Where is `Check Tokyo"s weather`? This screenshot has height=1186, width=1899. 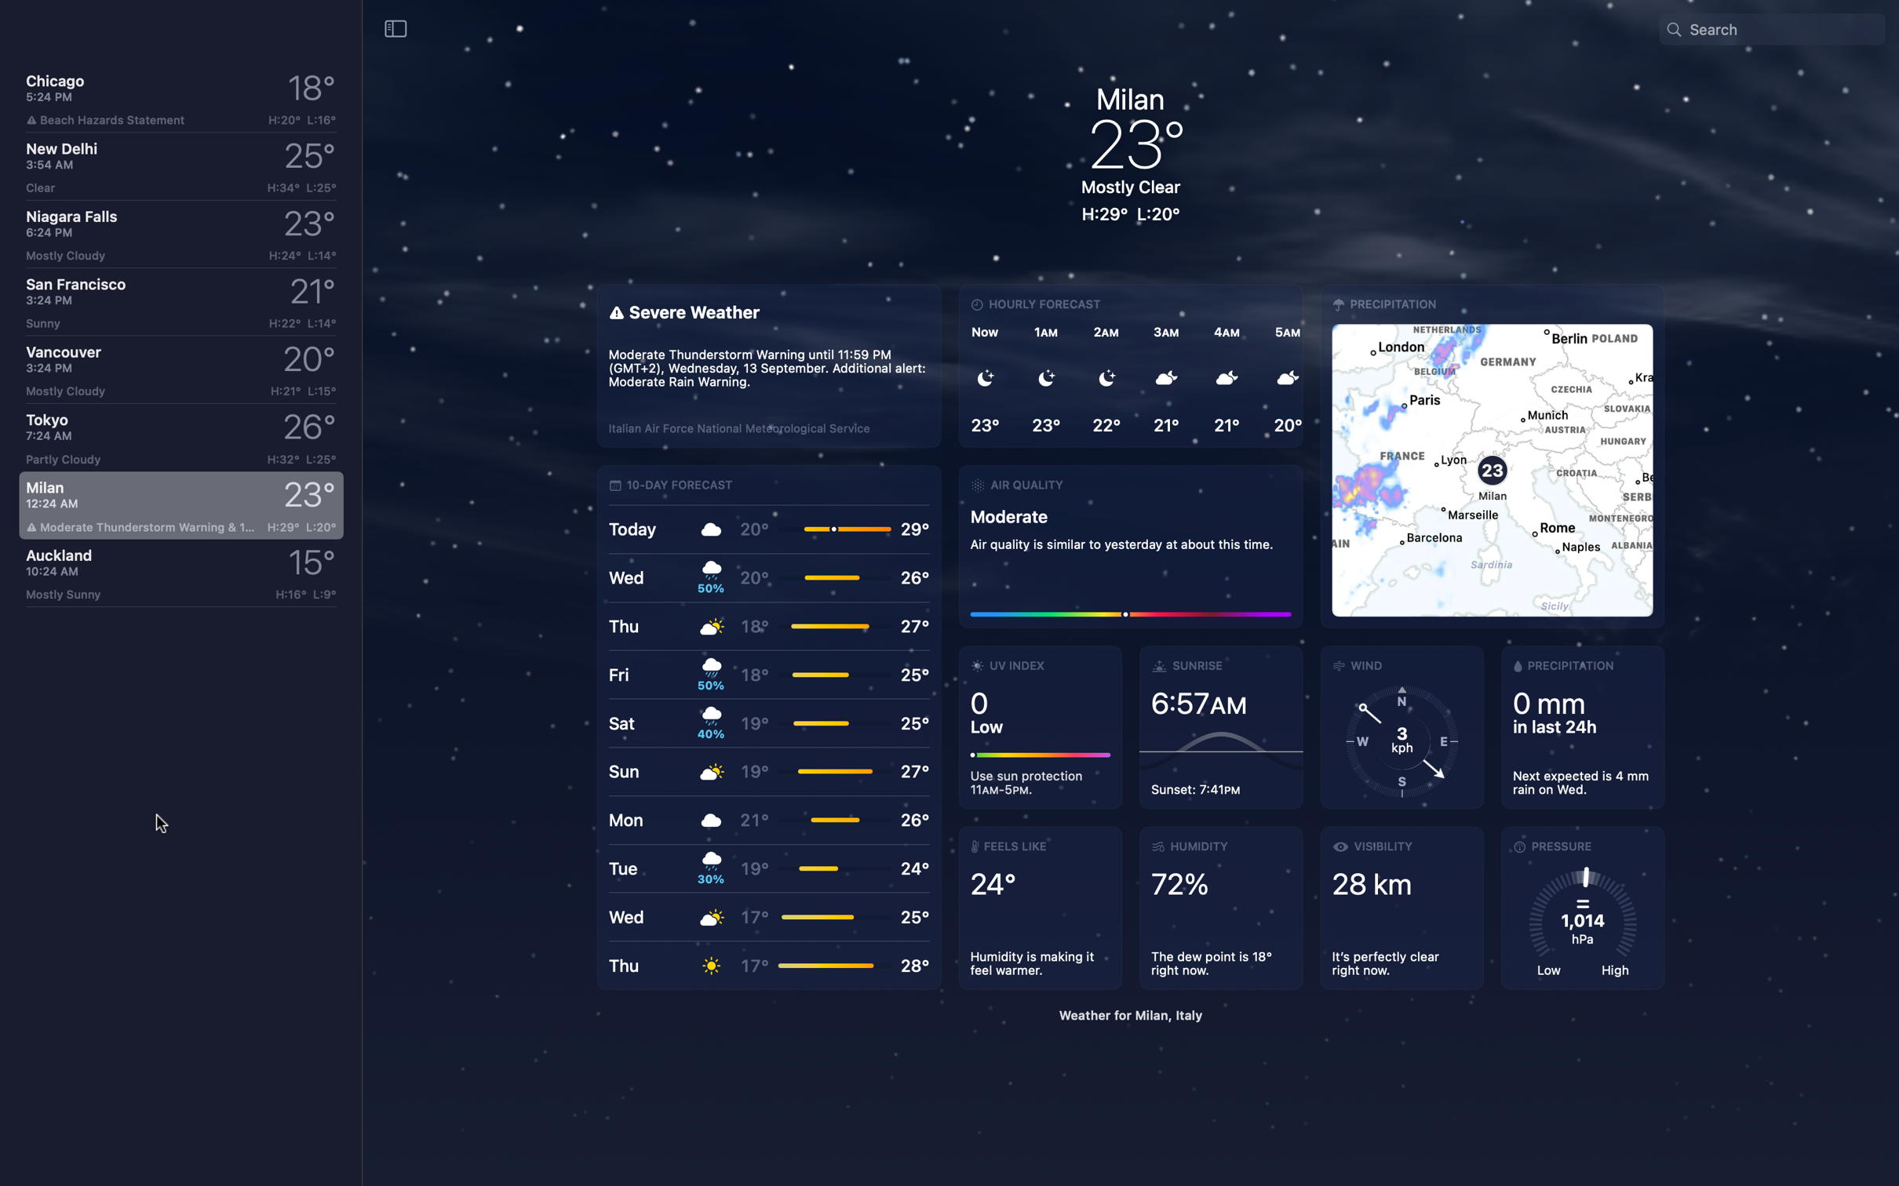 Check Tokyo"s weather is located at coordinates (177, 438).